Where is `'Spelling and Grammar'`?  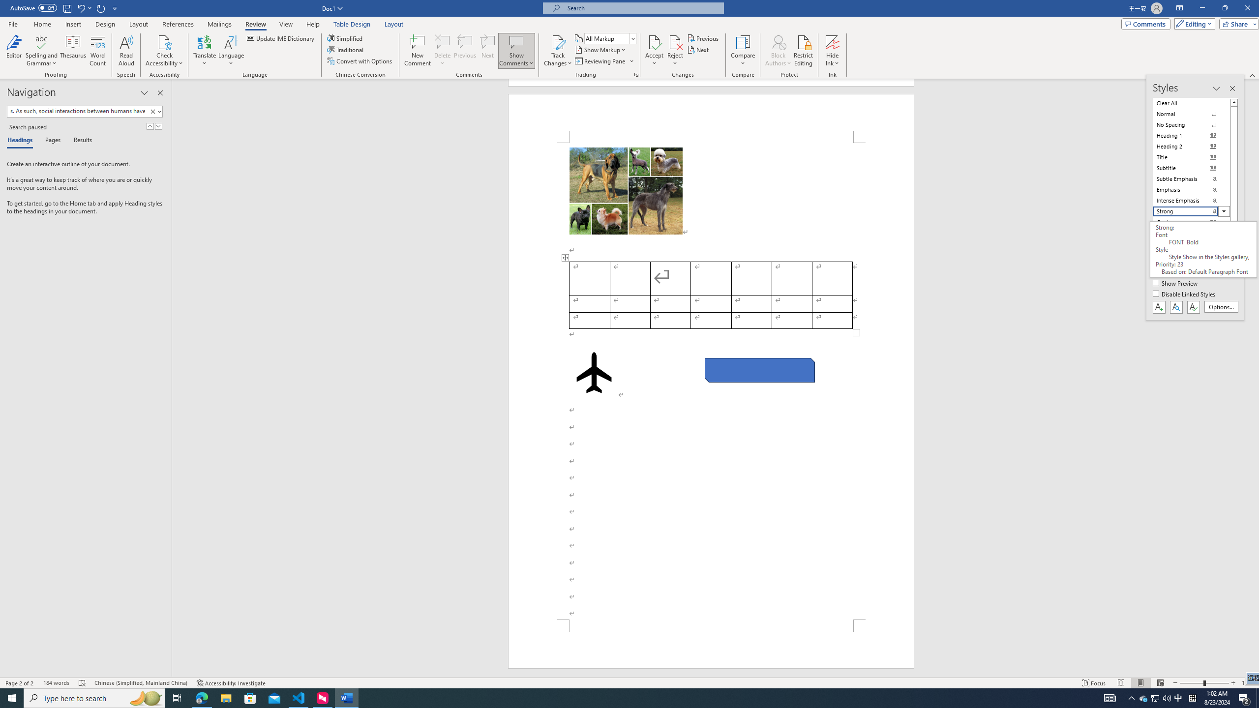
'Spelling and Grammar' is located at coordinates (42, 51).